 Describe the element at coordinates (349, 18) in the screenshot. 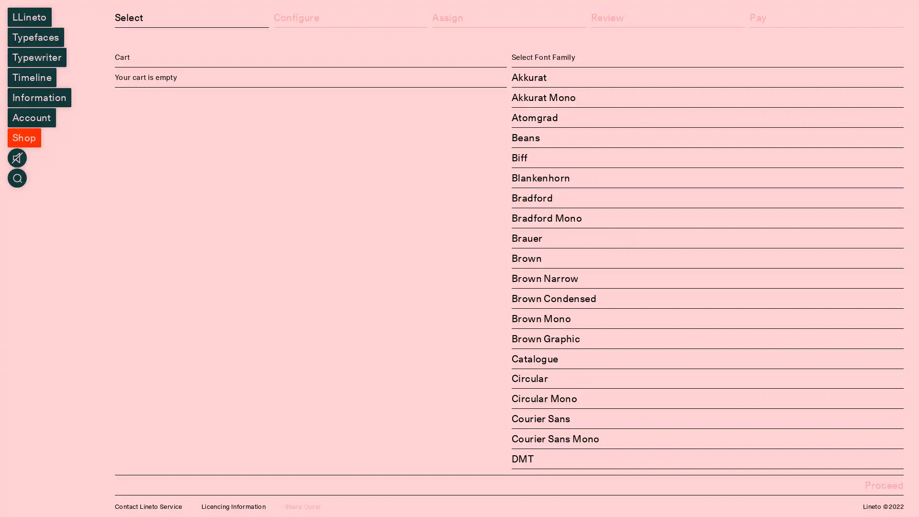

I see `Configure` at that location.